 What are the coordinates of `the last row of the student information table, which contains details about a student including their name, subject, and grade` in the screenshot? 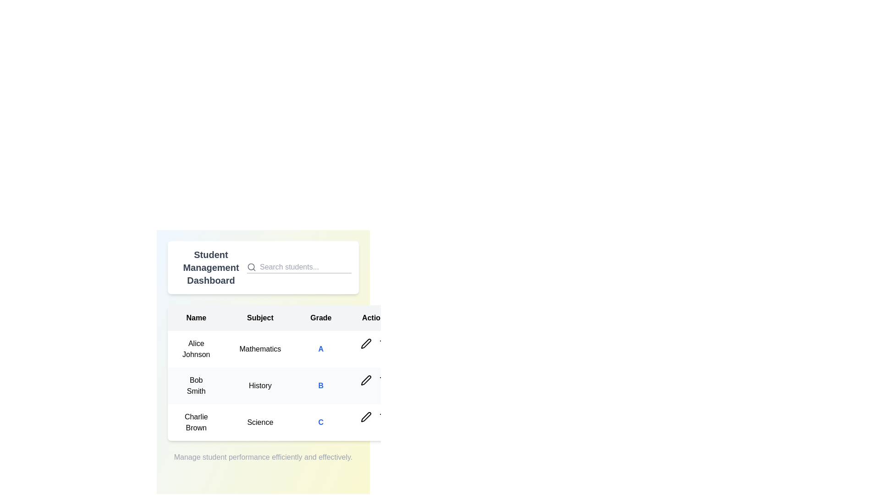 It's located at (286, 422).